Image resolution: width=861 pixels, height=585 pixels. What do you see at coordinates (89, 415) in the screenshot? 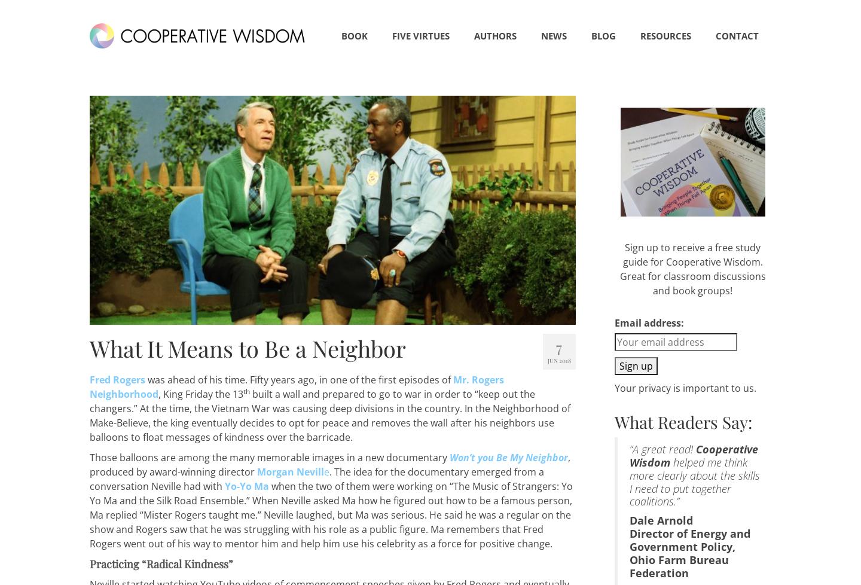
I see `'built a wall and prepared to go to war in order to “keep out the changers.” At the time, the Vietnam War was causing deep divisions in the country. In the Neighborhood of Make-Believe, the king eventually decides to opt for peace and removes the wall after his neighbors use balloons to float messages of kindness over the barricade.'` at bounding box center [89, 415].